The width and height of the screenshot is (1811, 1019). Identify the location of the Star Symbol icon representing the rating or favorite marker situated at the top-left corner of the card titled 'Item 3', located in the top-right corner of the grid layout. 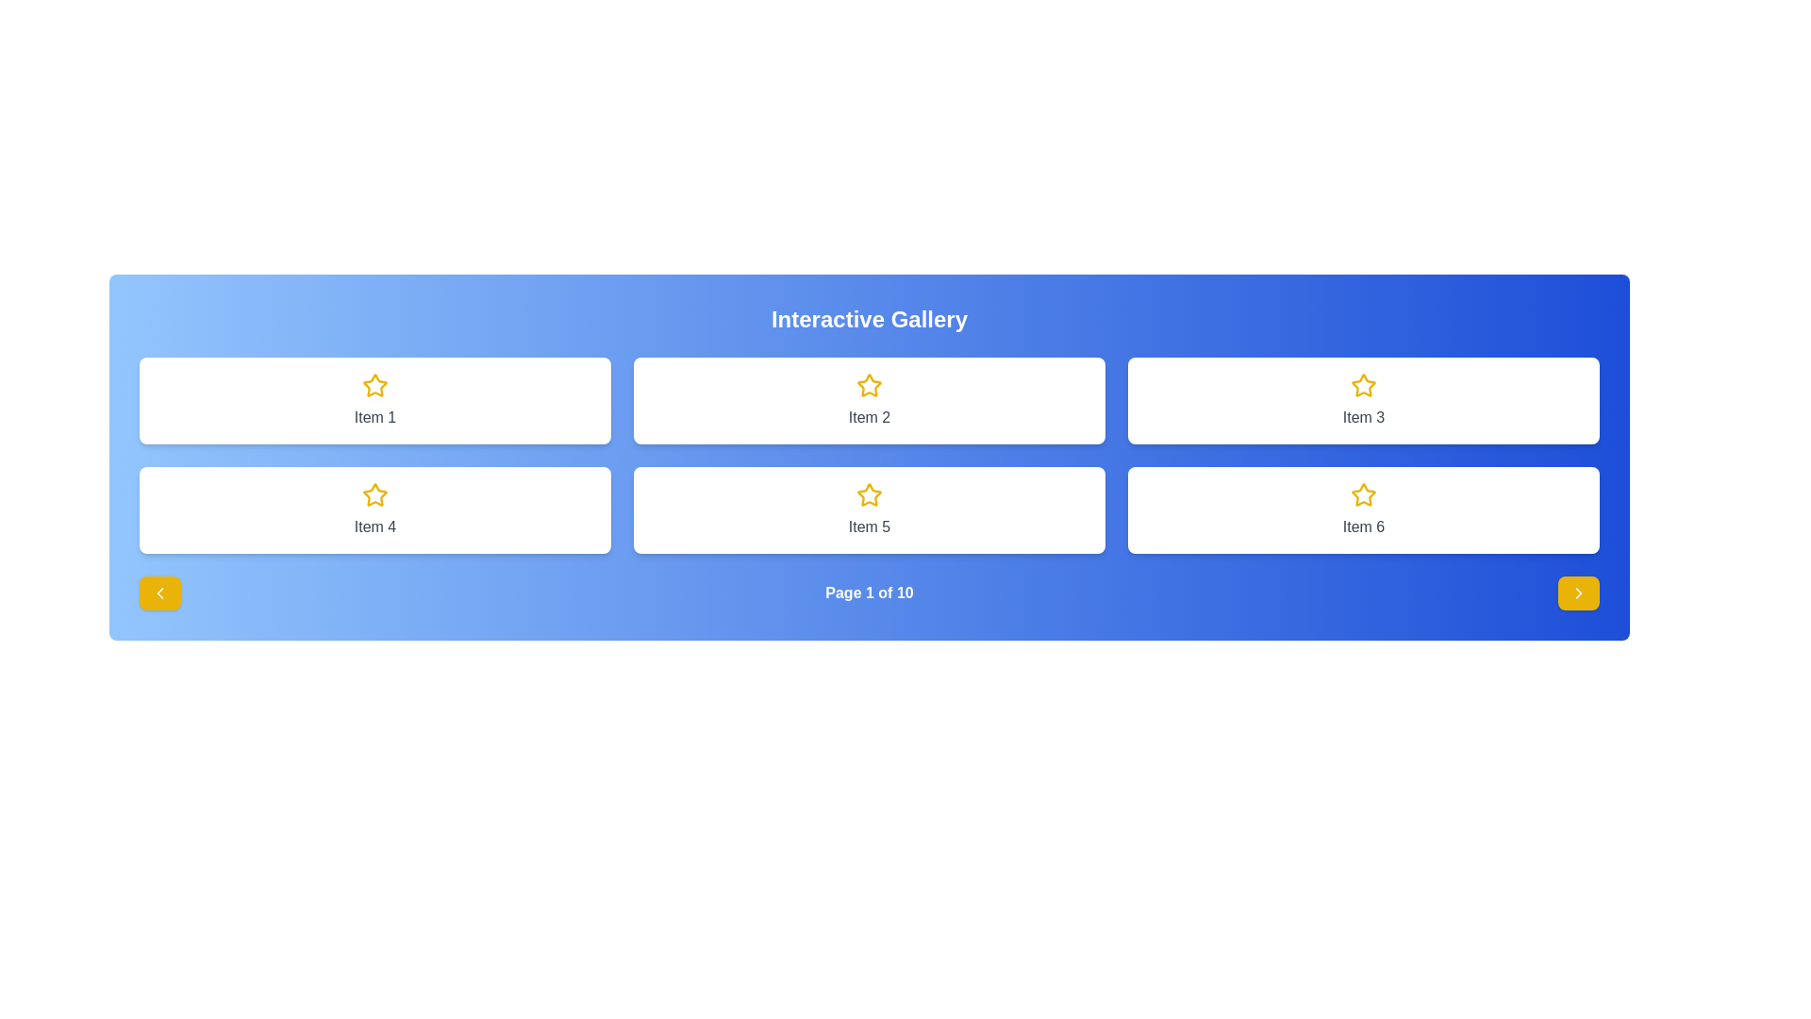
(1363, 384).